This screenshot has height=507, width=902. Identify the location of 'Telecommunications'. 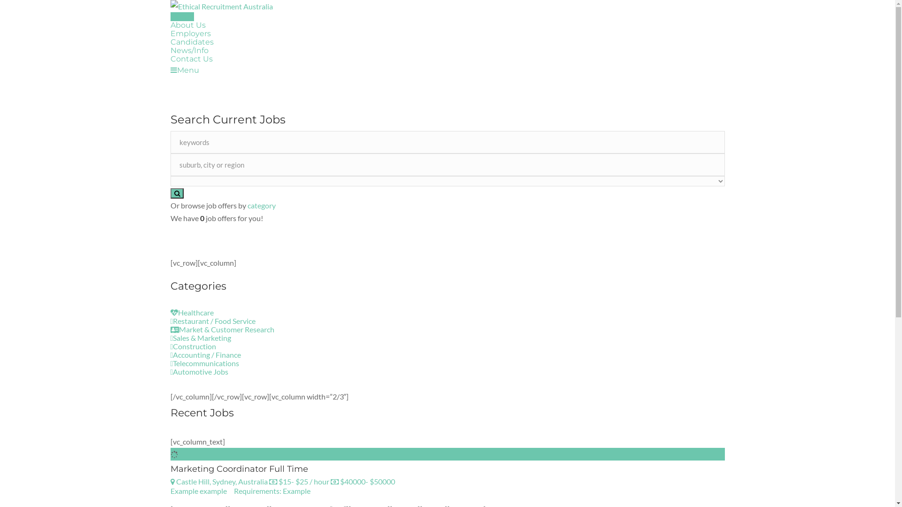
(204, 362).